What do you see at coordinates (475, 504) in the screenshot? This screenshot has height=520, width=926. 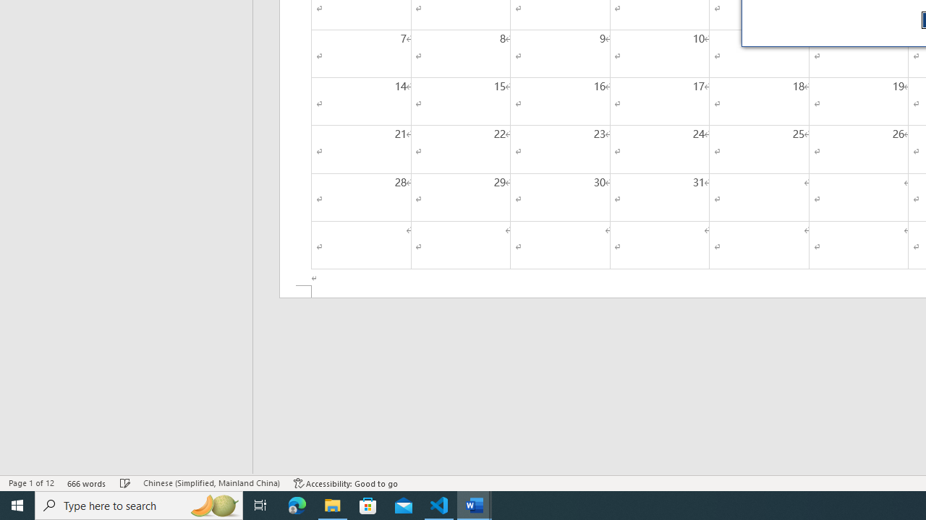 I see `'Word - 2 running windows'` at bounding box center [475, 504].